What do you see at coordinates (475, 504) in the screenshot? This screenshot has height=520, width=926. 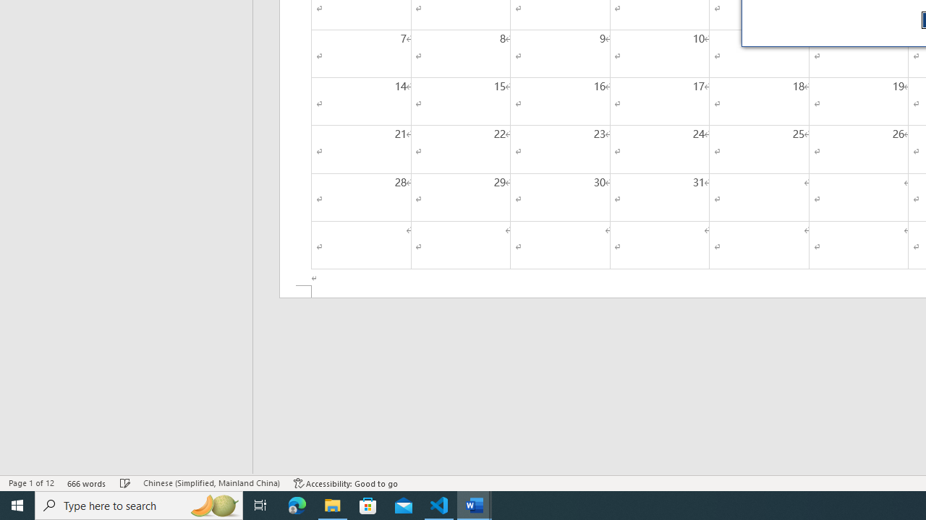 I see `'Word - 2 running windows'` at bounding box center [475, 504].